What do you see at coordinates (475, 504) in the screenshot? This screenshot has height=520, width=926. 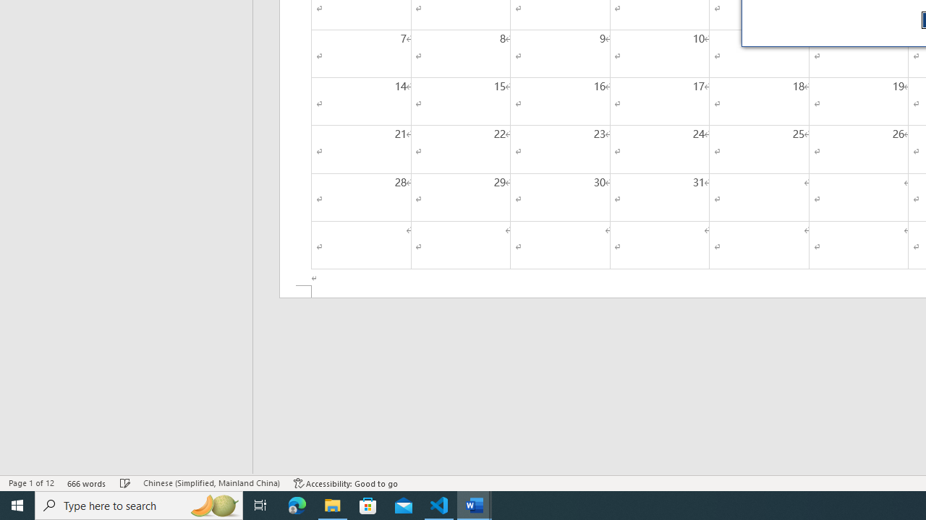 I see `'Word - 2 running windows'` at bounding box center [475, 504].